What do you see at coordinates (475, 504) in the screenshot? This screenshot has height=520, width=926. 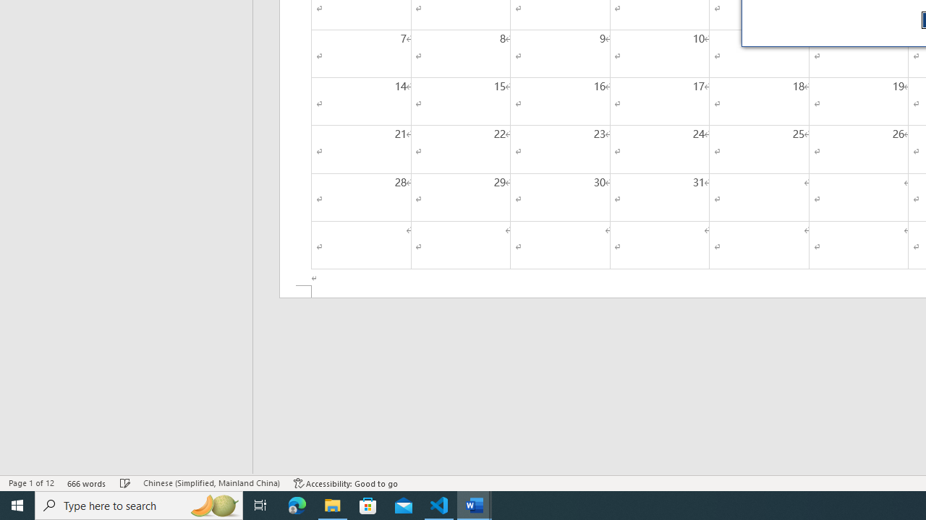 I see `'Word - 2 running windows'` at bounding box center [475, 504].